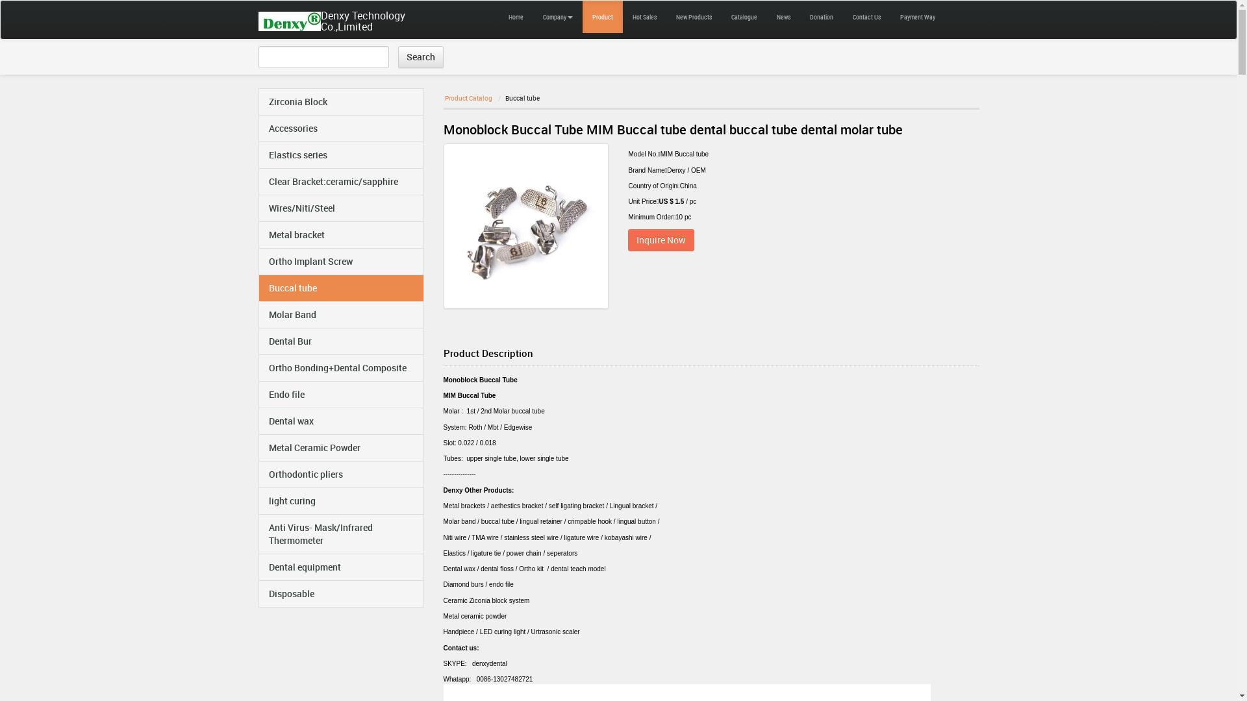 Image resolution: width=1247 pixels, height=701 pixels. What do you see at coordinates (661, 240) in the screenshot?
I see `'Inquire Now'` at bounding box center [661, 240].